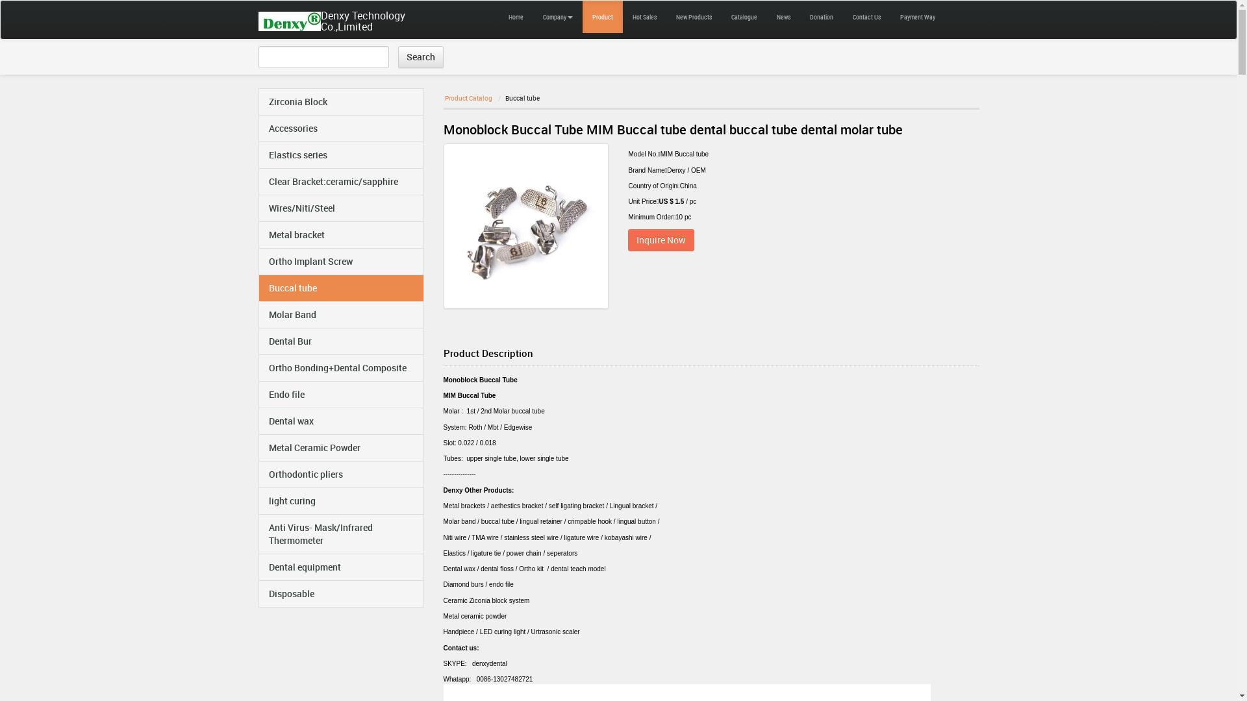 Image resolution: width=1247 pixels, height=701 pixels. What do you see at coordinates (661, 240) in the screenshot?
I see `'Inquire Now'` at bounding box center [661, 240].